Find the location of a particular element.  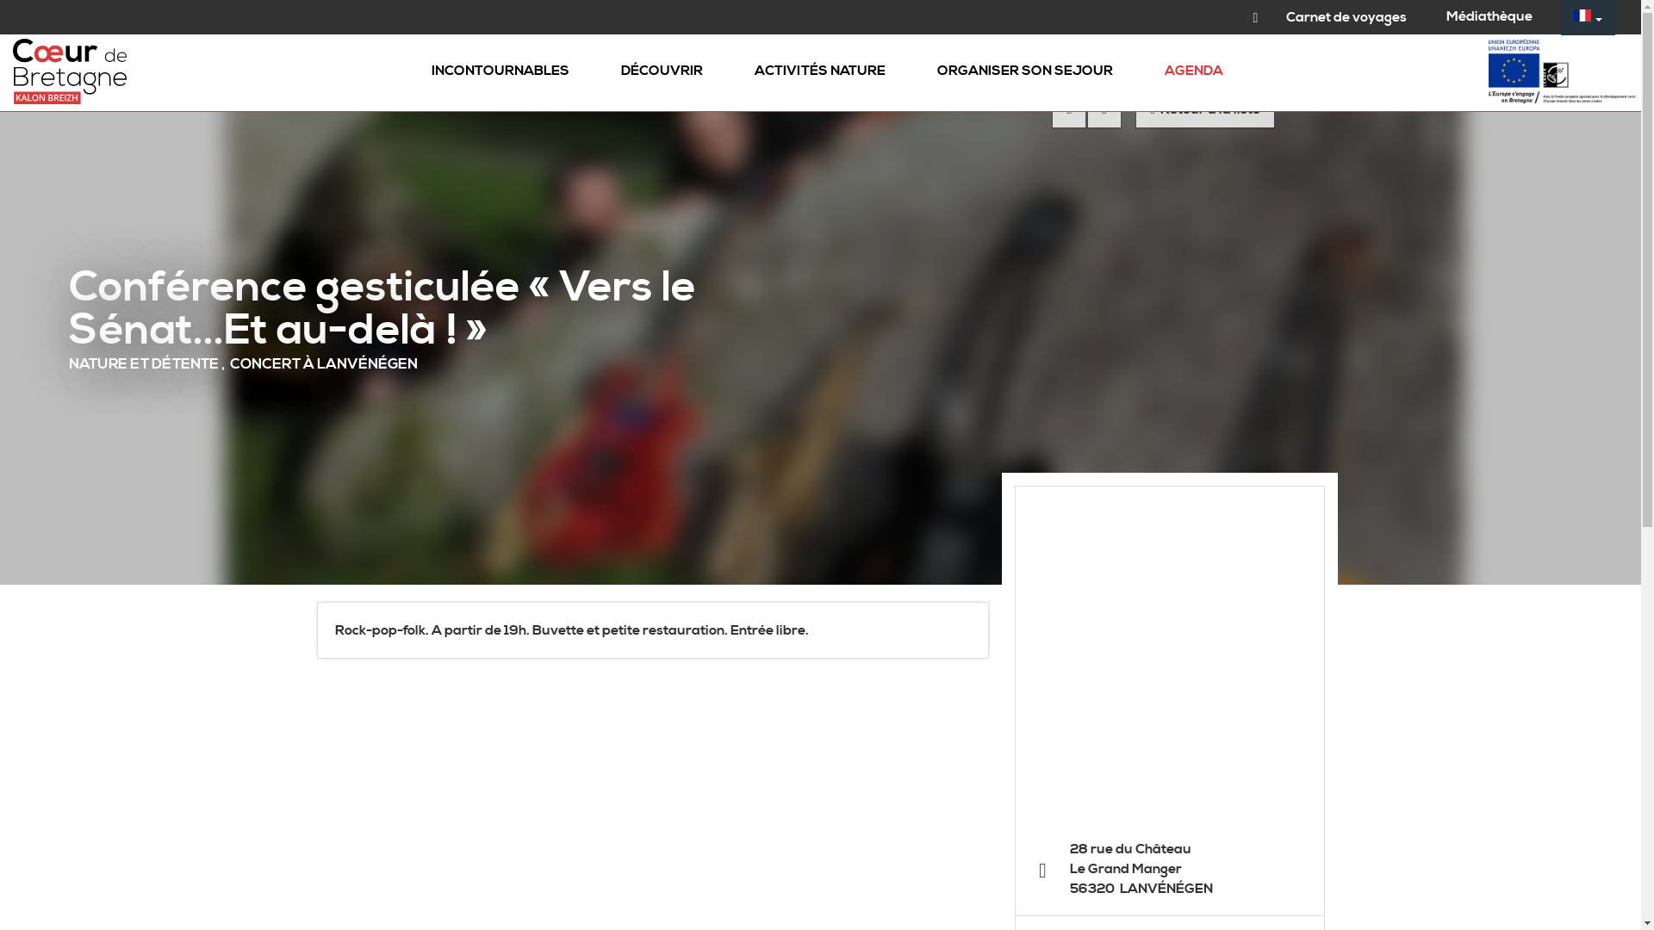

'INCONTOURNABLES' is located at coordinates (499, 71).